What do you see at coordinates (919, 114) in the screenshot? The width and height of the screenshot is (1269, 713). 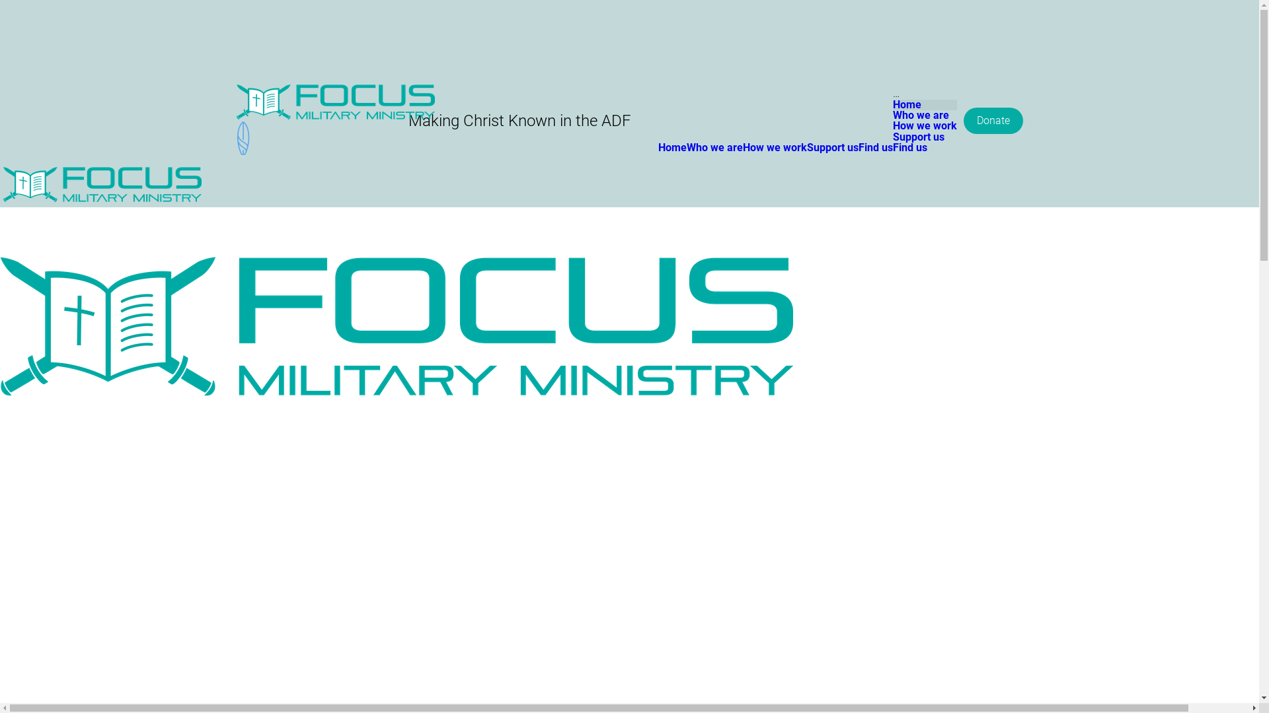 I see `'Who we are'` at bounding box center [919, 114].